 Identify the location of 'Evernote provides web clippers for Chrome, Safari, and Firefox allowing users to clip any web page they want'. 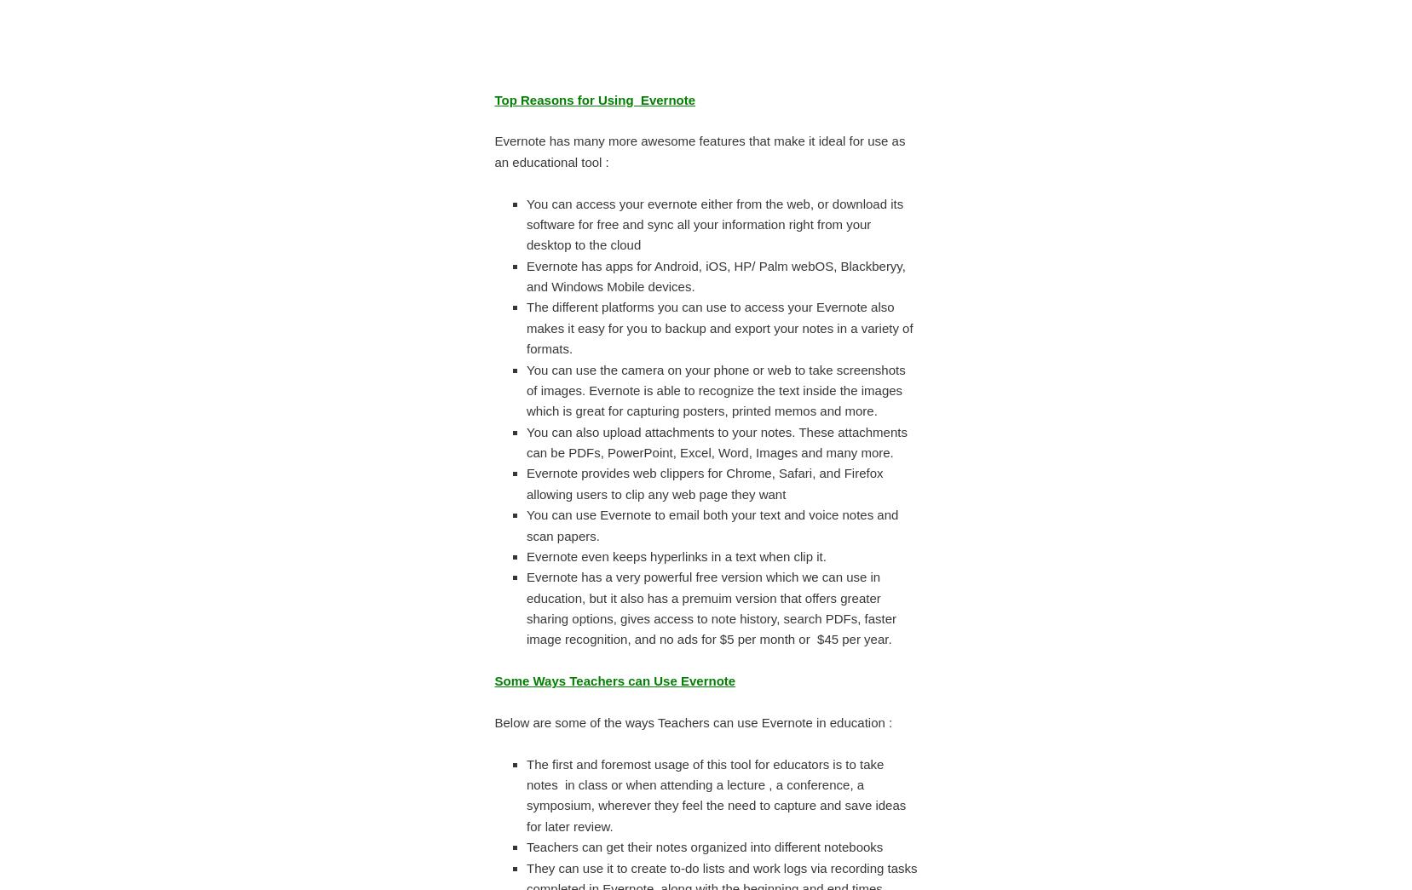
(704, 483).